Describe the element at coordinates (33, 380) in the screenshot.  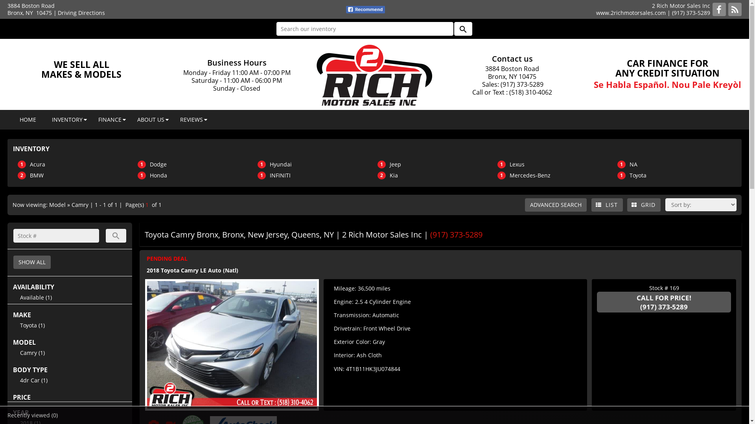
I see `'4dr Car (1)'` at that location.